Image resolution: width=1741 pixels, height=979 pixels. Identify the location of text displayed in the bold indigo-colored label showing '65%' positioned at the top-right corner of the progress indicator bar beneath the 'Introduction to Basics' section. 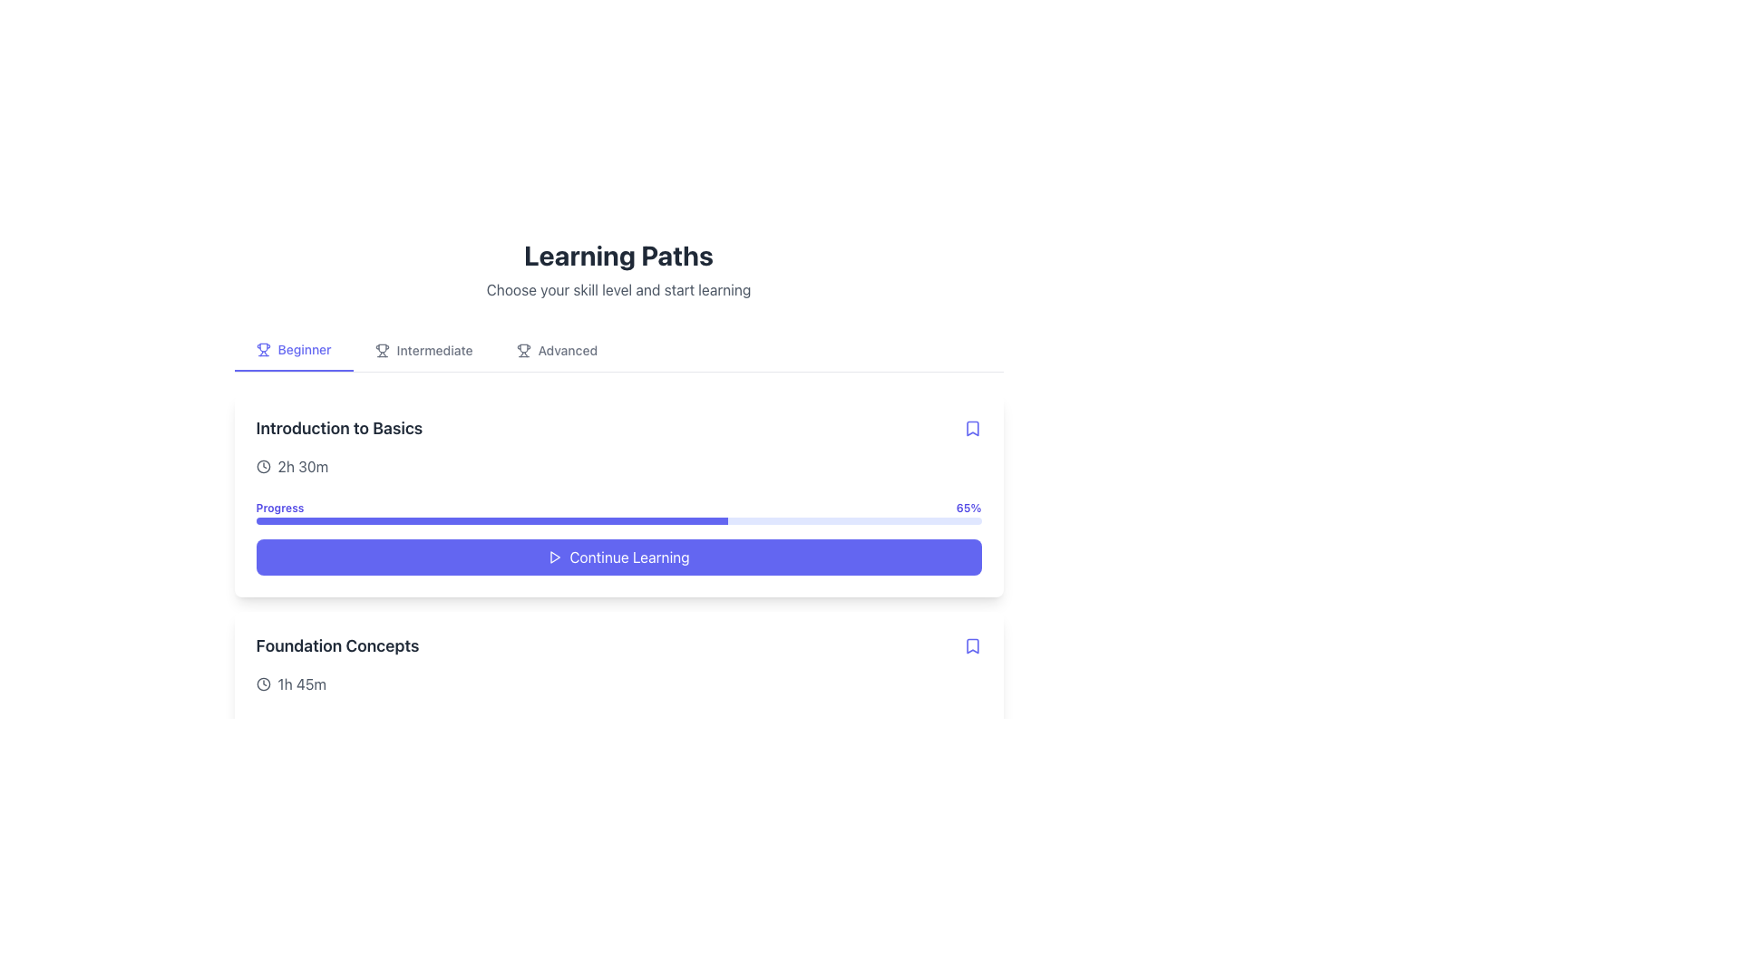
(968, 508).